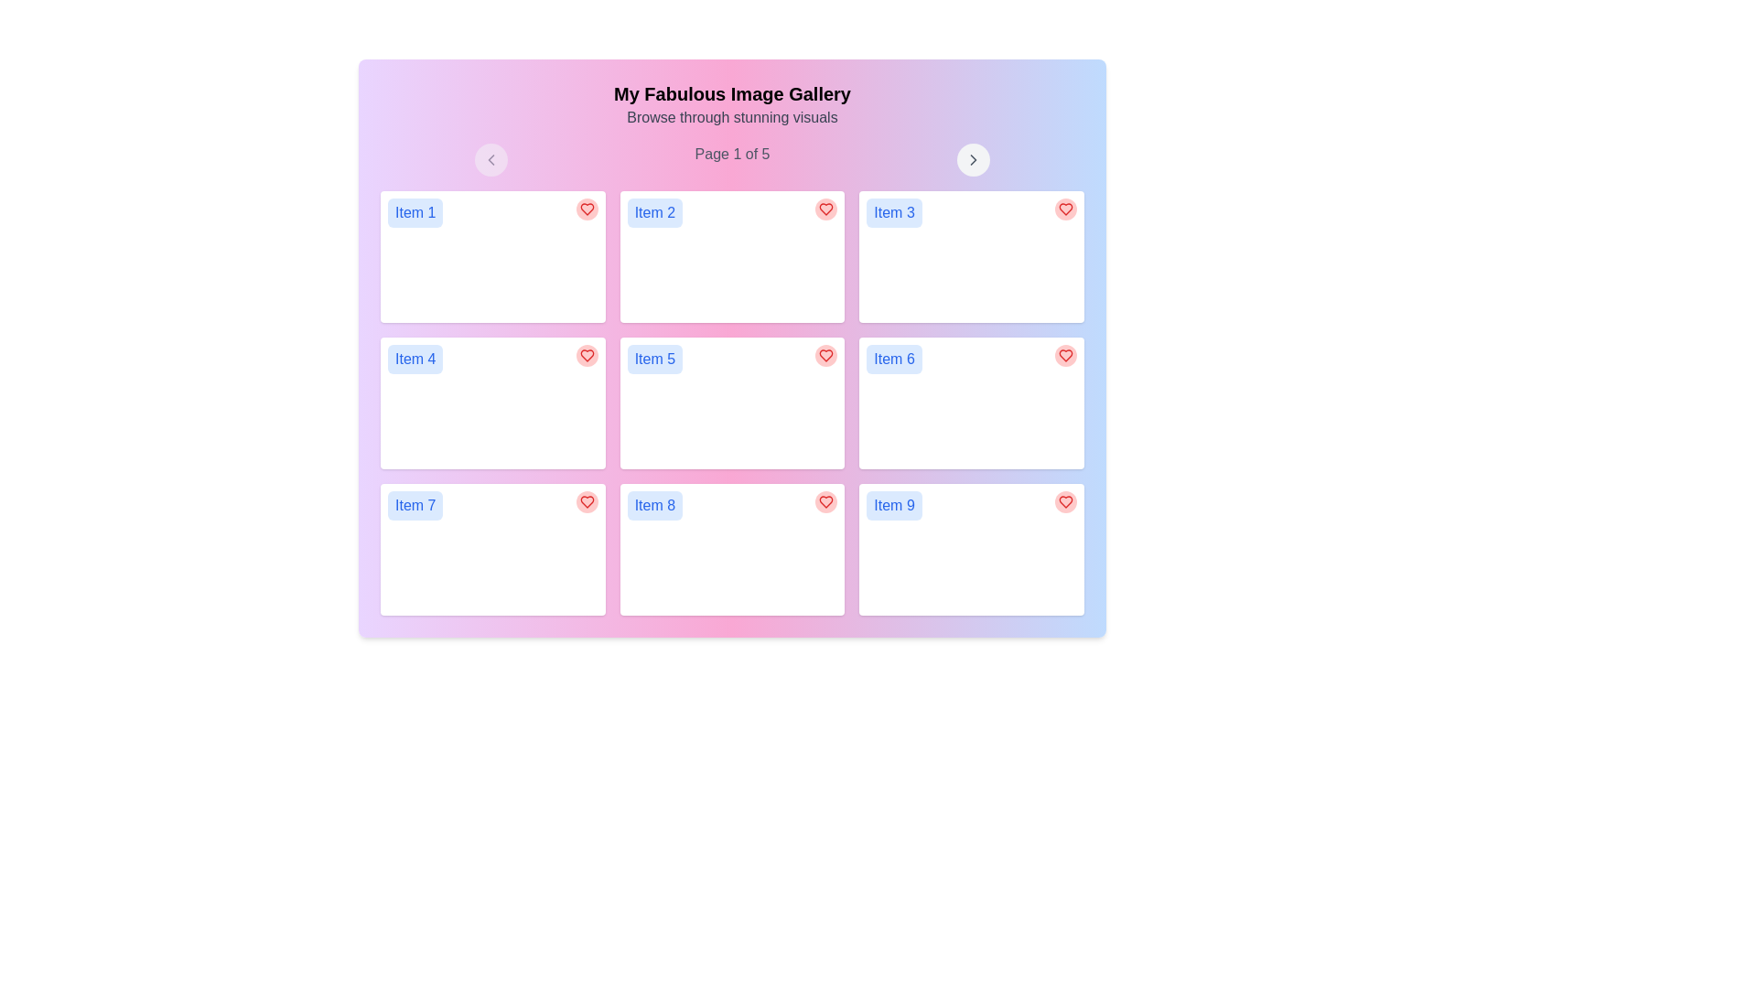 Image resolution: width=1757 pixels, height=988 pixels. Describe the element at coordinates (732, 158) in the screenshot. I see `the text label displaying 'Page 1 of 5' in dark gray font` at that location.